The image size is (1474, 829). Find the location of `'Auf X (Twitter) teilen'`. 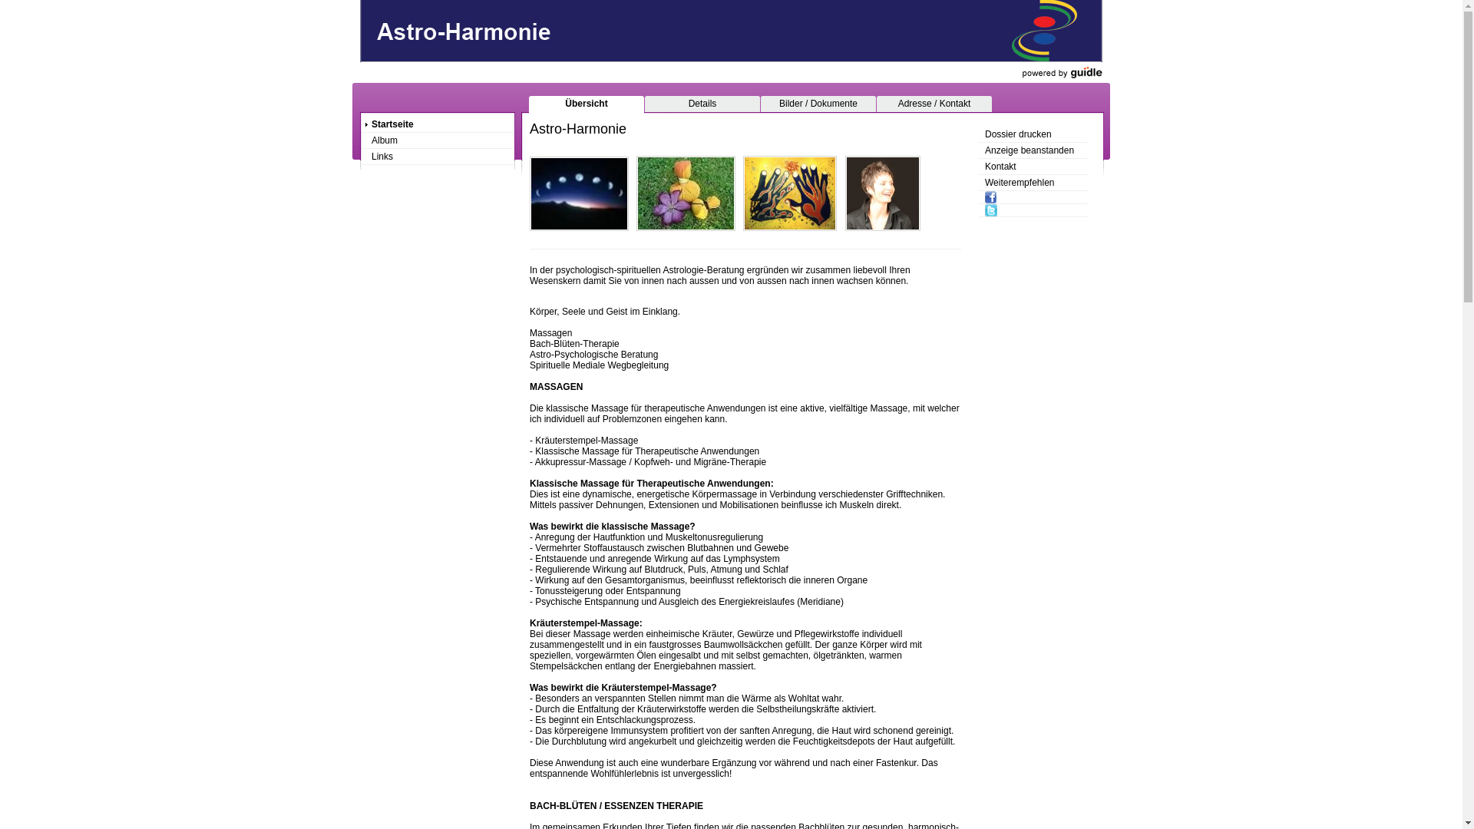

'Auf X (Twitter) teilen' is located at coordinates (1033, 210).